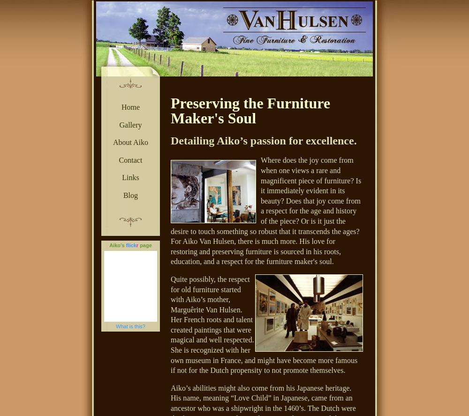  Describe the element at coordinates (170, 140) in the screenshot. I see `'Detailing Aiko’s passion for excellence.'` at that location.